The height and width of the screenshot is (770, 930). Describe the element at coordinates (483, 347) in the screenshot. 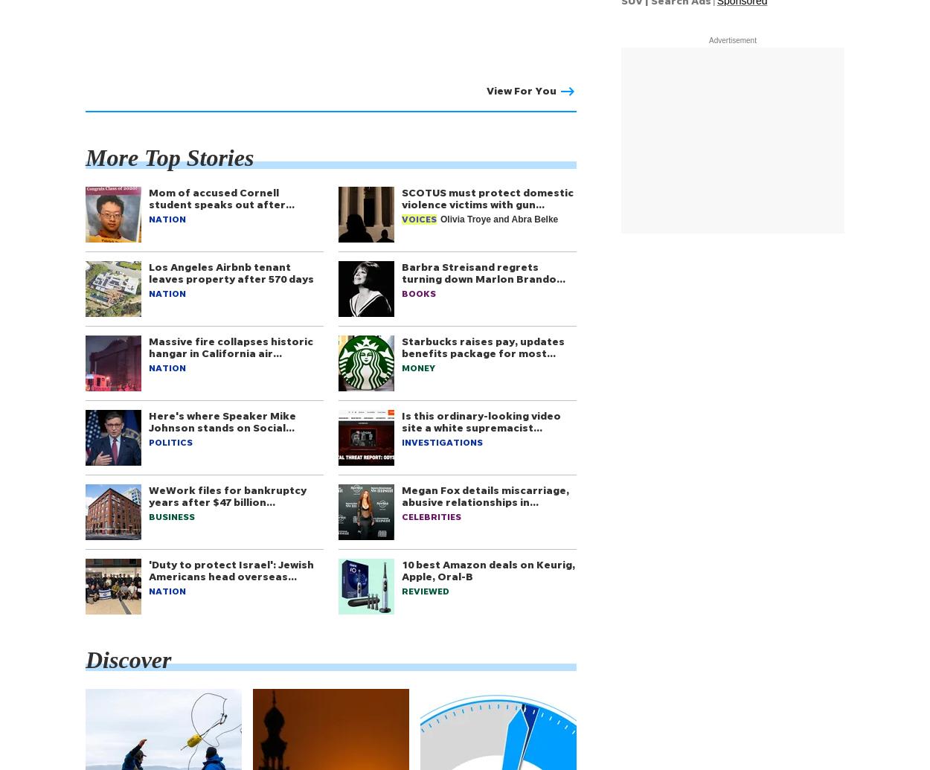

I see `'Starbucks raises pay, updates benefits package for most…'` at that location.